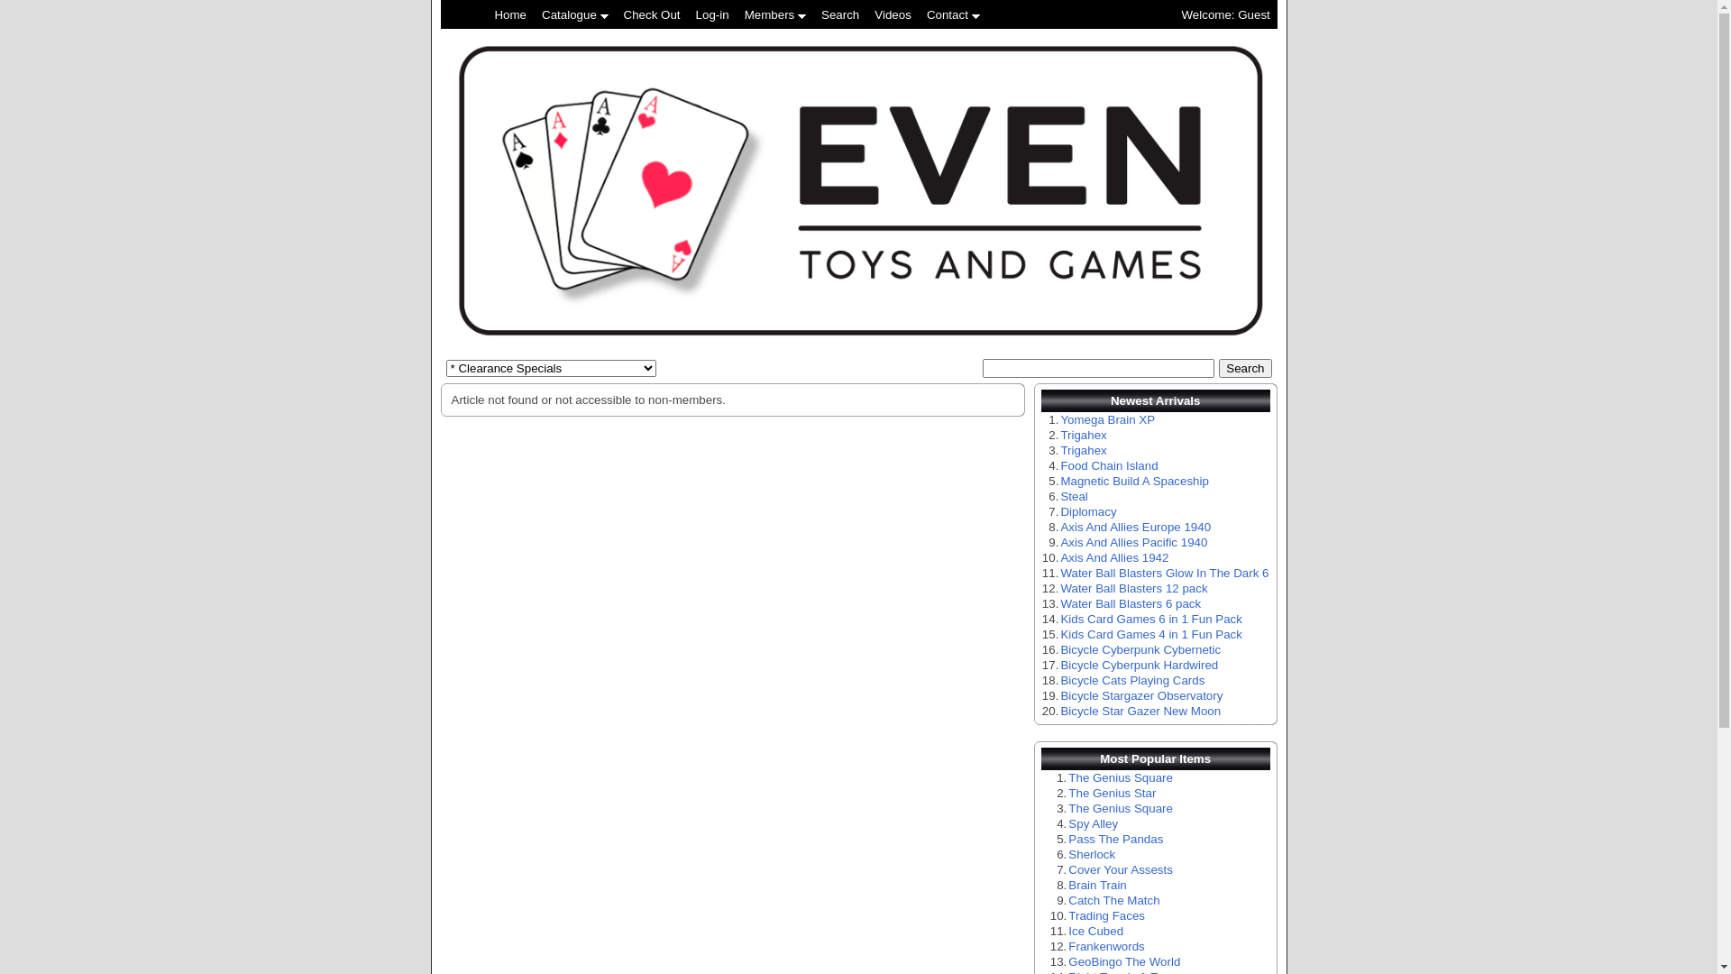 This screenshot has height=974, width=1731. Describe the element at coordinates (1120, 868) in the screenshot. I see `'Cover Your Assests'` at that location.